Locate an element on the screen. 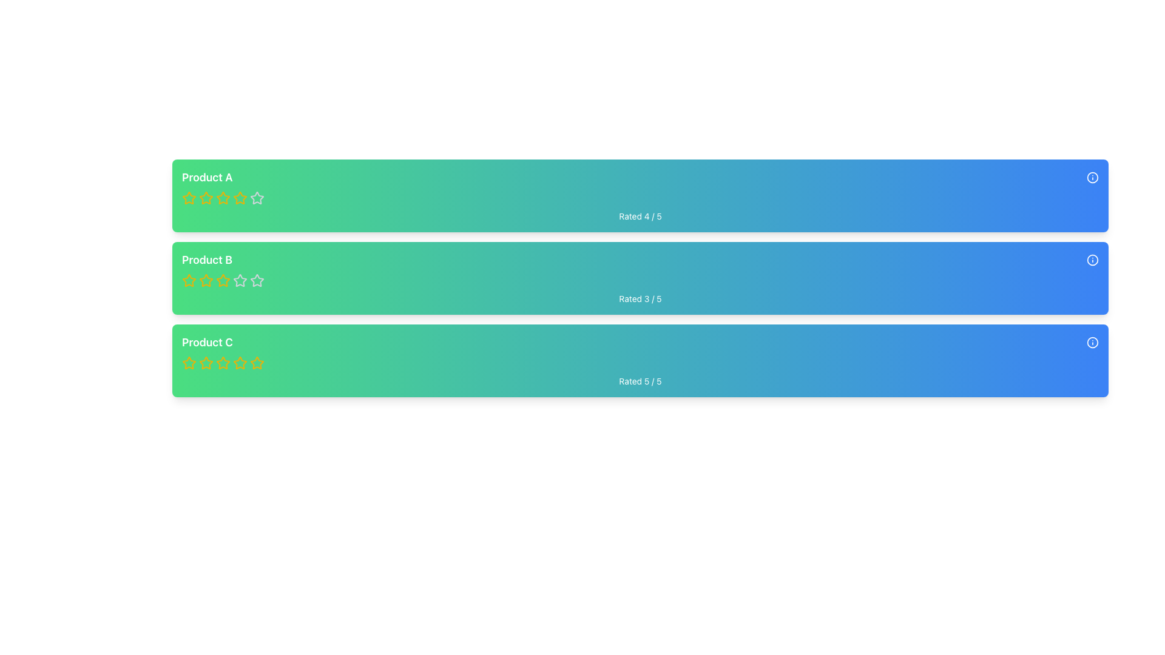  the first Rating star icon located to the right of the 'Product A' label is located at coordinates (189, 198).